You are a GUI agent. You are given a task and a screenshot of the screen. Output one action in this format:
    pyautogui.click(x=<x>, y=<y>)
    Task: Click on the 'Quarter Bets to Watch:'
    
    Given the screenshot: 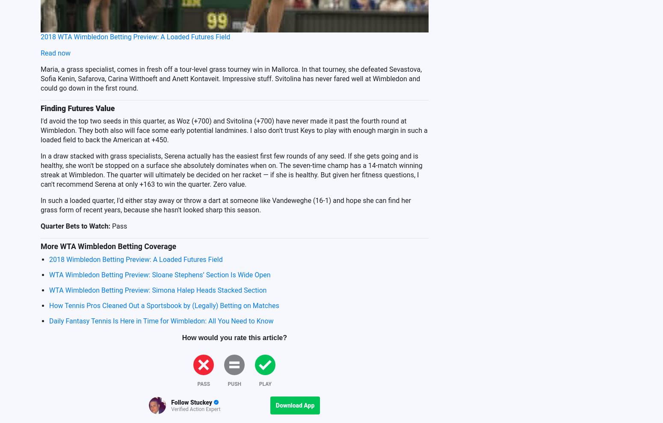 What is the action you would take?
    pyautogui.click(x=74, y=225)
    